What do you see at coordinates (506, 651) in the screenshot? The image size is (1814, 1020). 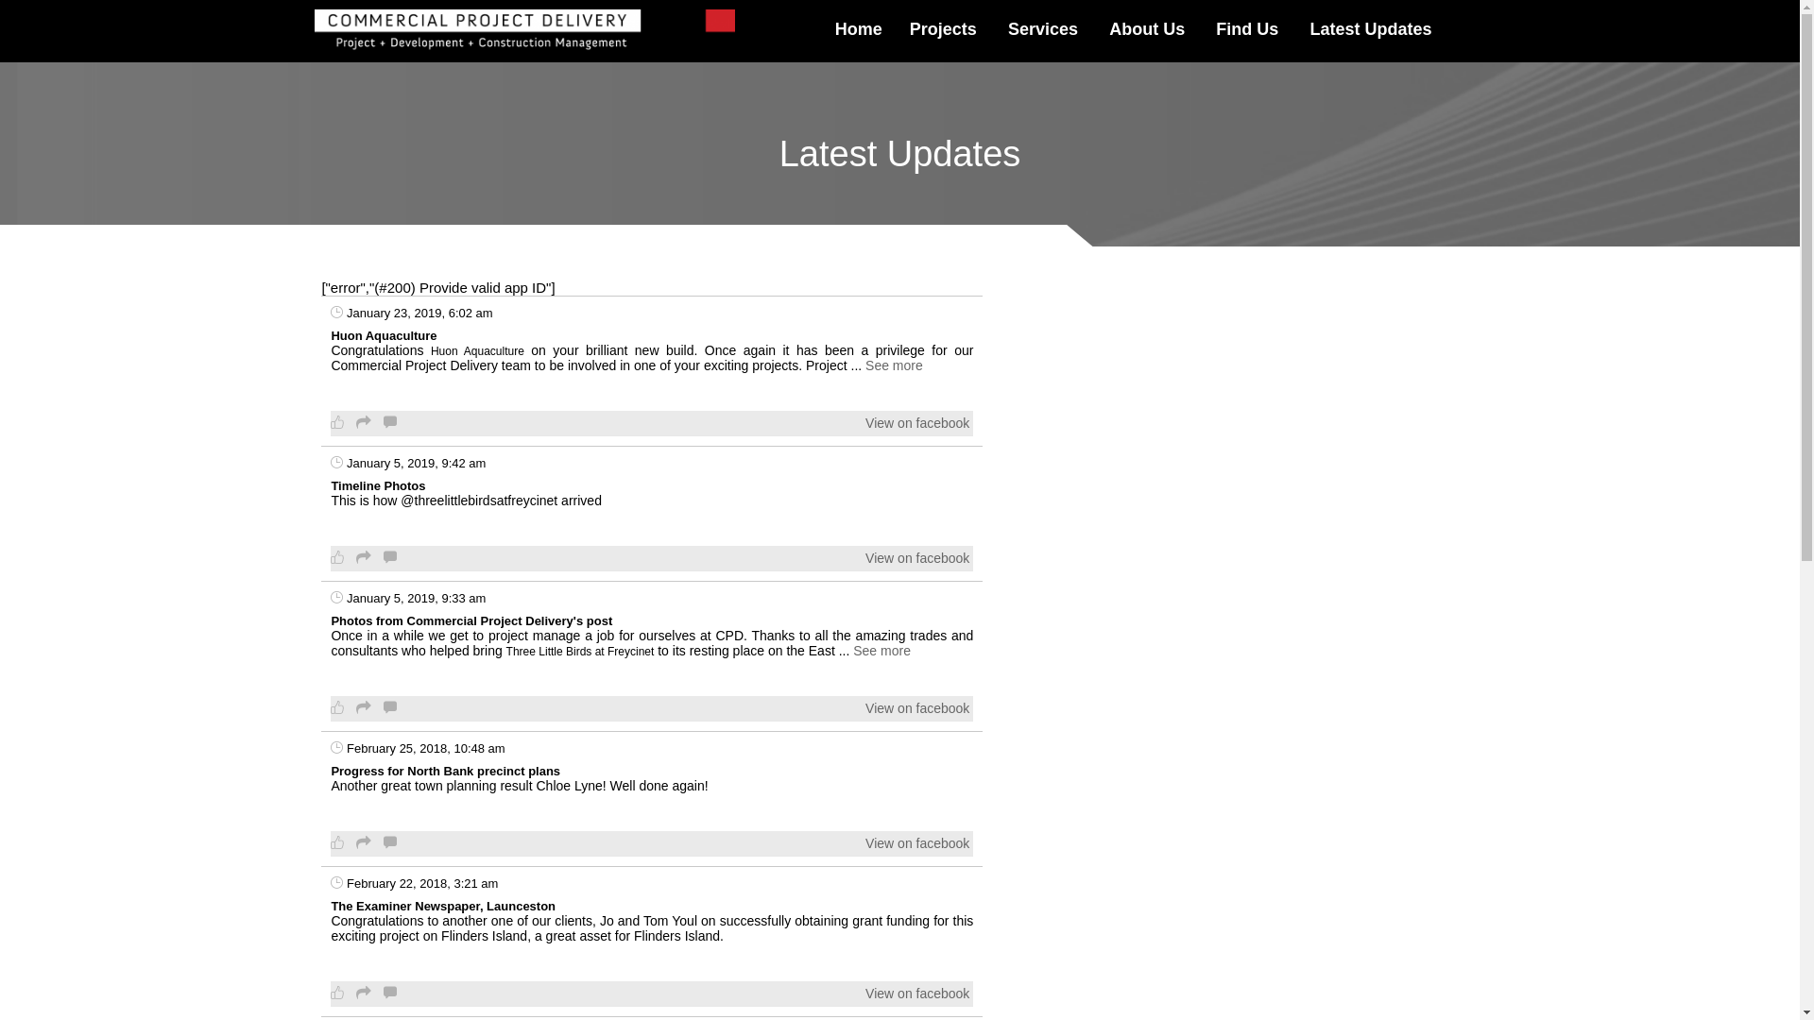 I see `'Three Little Birds at Freycinet'` at bounding box center [506, 651].